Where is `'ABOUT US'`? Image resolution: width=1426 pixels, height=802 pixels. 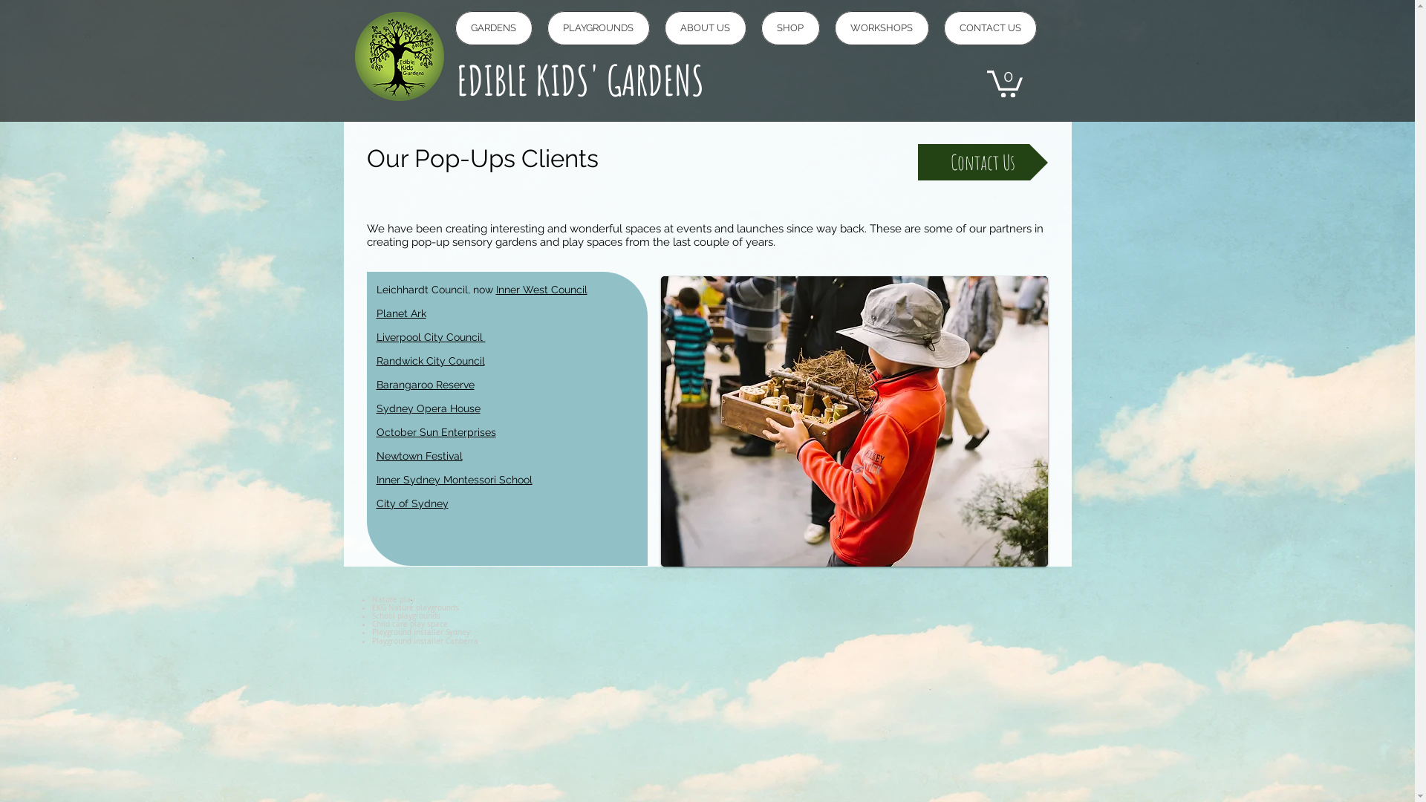 'ABOUT US' is located at coordinates (704, 28).